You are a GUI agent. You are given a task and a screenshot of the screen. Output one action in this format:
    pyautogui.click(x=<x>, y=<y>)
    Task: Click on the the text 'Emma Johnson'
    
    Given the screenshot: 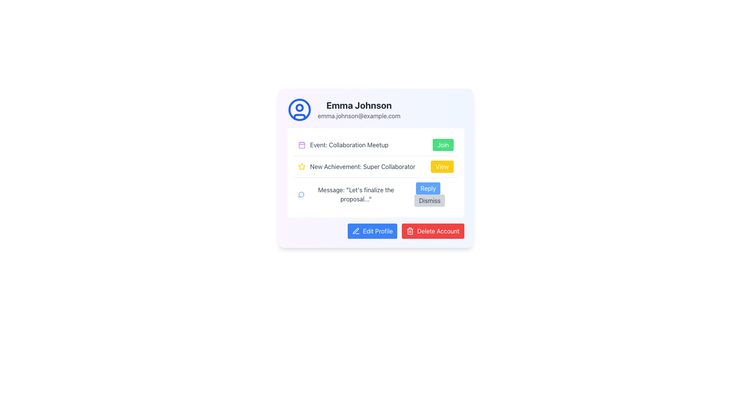 What is the action you would take?
    pyautogui.click(x=376, y=110)
    